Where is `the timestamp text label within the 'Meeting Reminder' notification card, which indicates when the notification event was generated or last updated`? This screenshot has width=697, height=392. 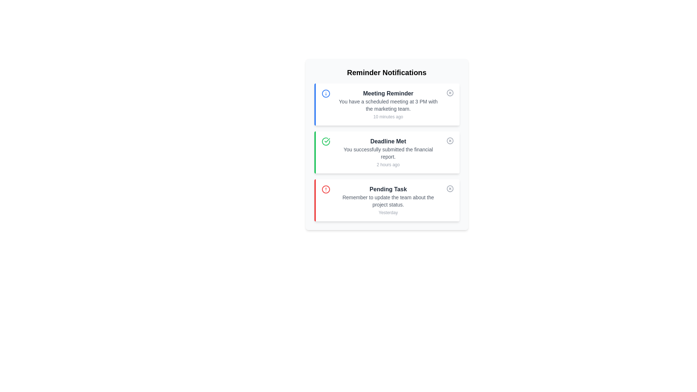 the timestamp text label within the 'Meeting Reminder' notification card, which indicates when the notification event was generated or last updated is located at coordinates (388, 116).